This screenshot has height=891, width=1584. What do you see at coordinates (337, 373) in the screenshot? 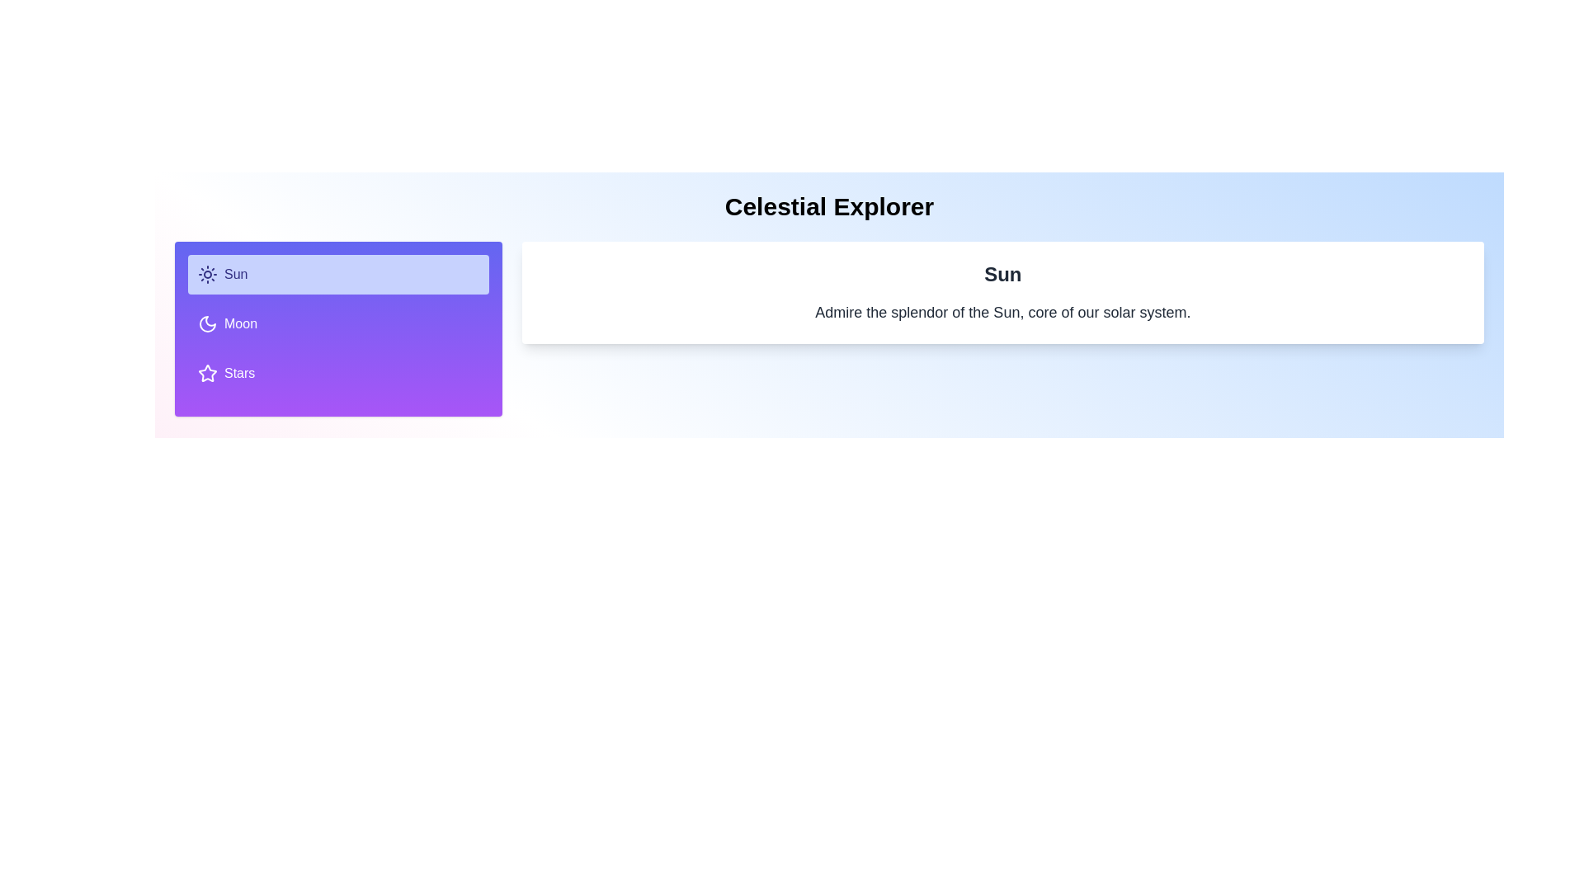
I see `the tab labeled 'Stars' to observe the hover effect` at bounding box center [337, 373].